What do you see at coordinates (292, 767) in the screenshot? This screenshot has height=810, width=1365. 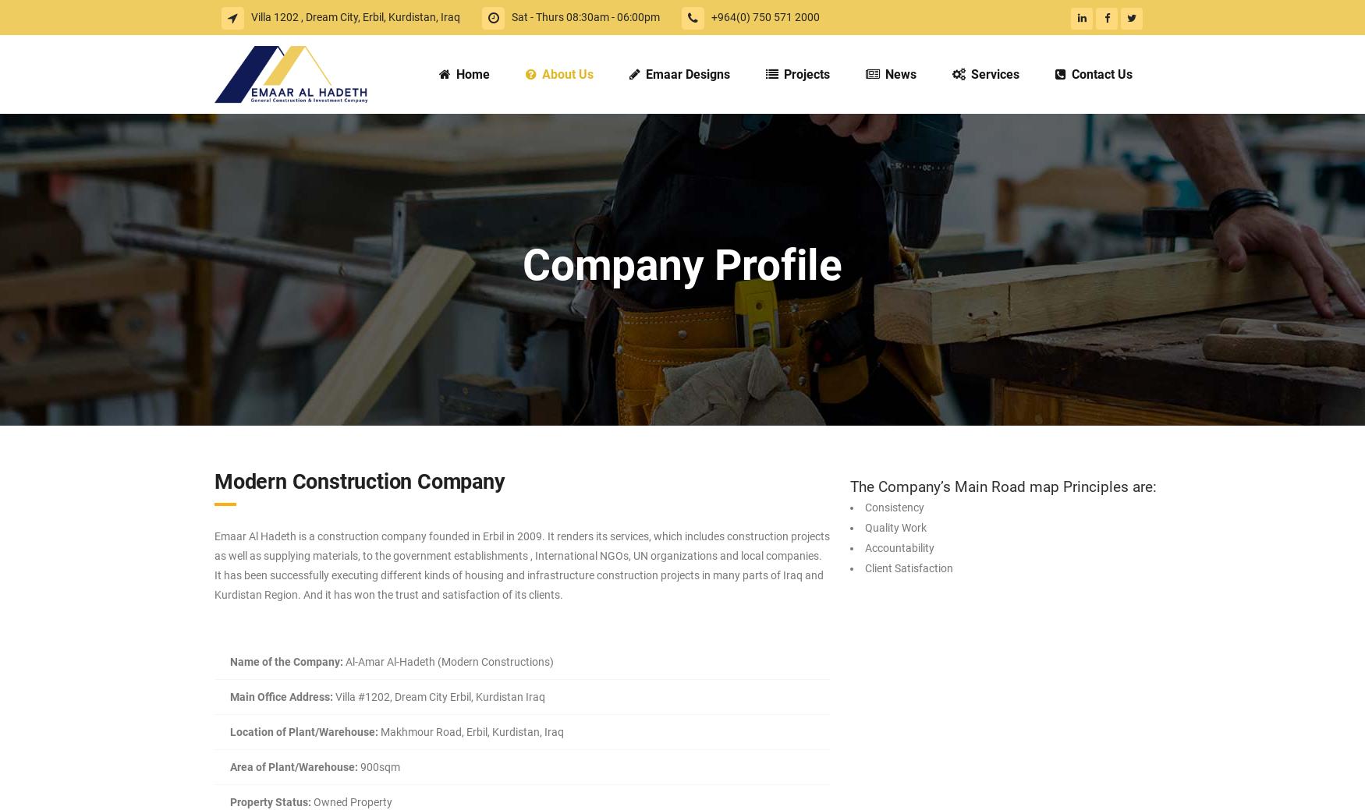 I see `'Area of Plant/Warehouse:'` at bounding box center [292, 767].